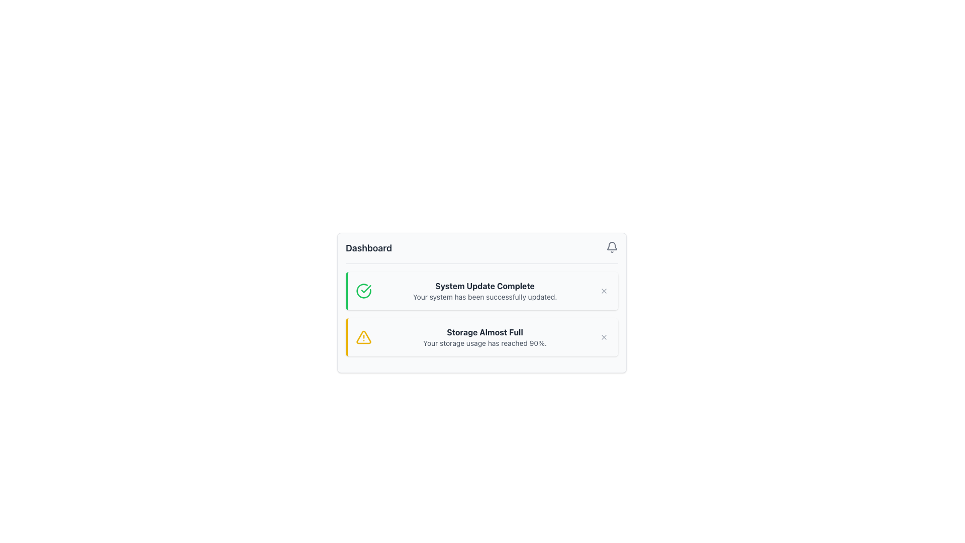 The image size is (965, 543). Describe the element at coordinates (485, 337) in the screenshot. I see `the 'Storage Almost Full' text display which is centered in the interface and indicates high storage usage` at that location.